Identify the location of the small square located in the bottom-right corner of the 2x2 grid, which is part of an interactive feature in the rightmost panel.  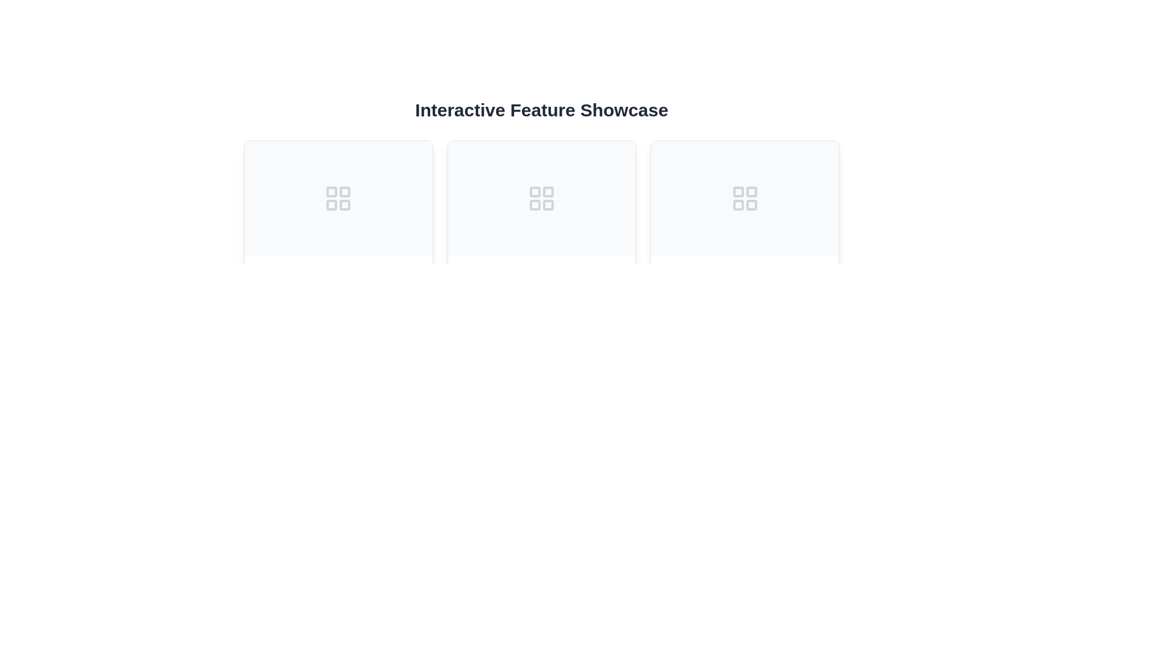
(751, 205).